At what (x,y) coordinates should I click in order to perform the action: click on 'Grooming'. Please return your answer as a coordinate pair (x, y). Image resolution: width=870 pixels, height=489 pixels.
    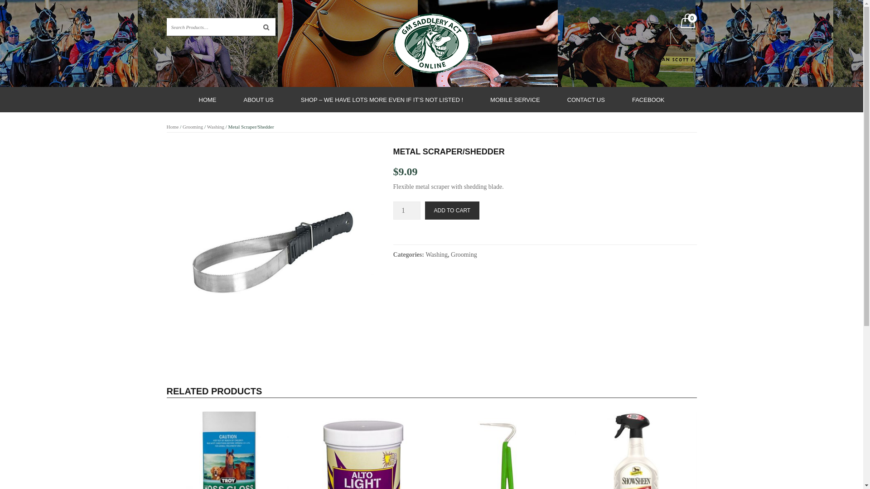
    Looking at the image, I should click on (192, 127).